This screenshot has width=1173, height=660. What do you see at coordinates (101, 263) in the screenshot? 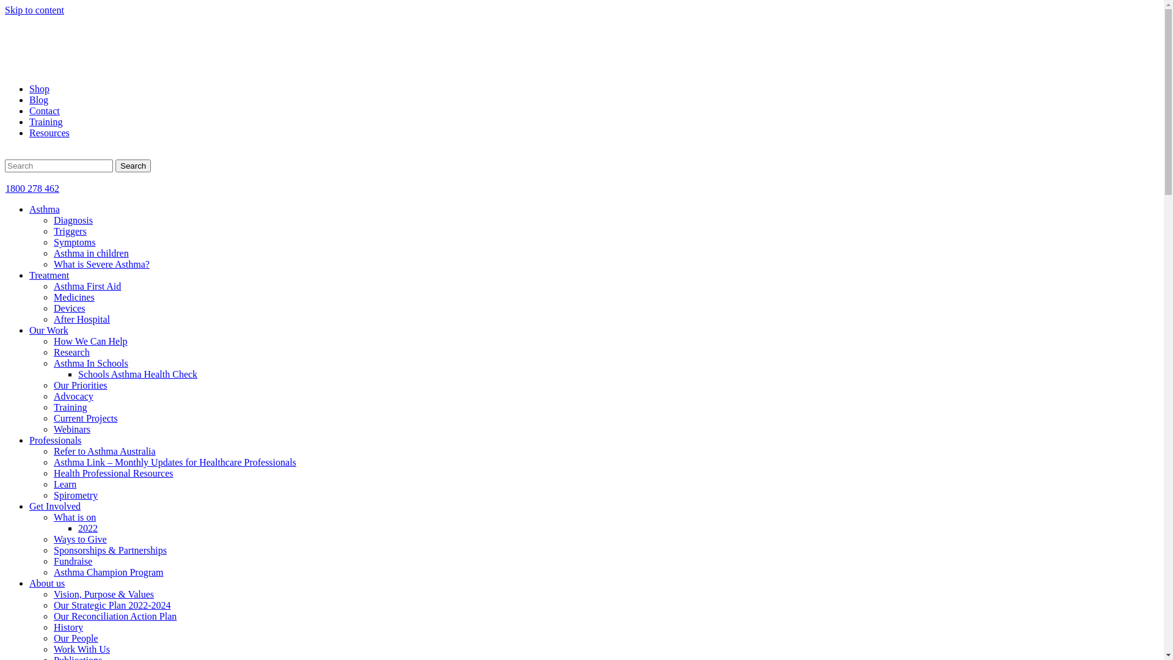
I see `'What is Severe Asthma?'` at bounding box center [101, 263].